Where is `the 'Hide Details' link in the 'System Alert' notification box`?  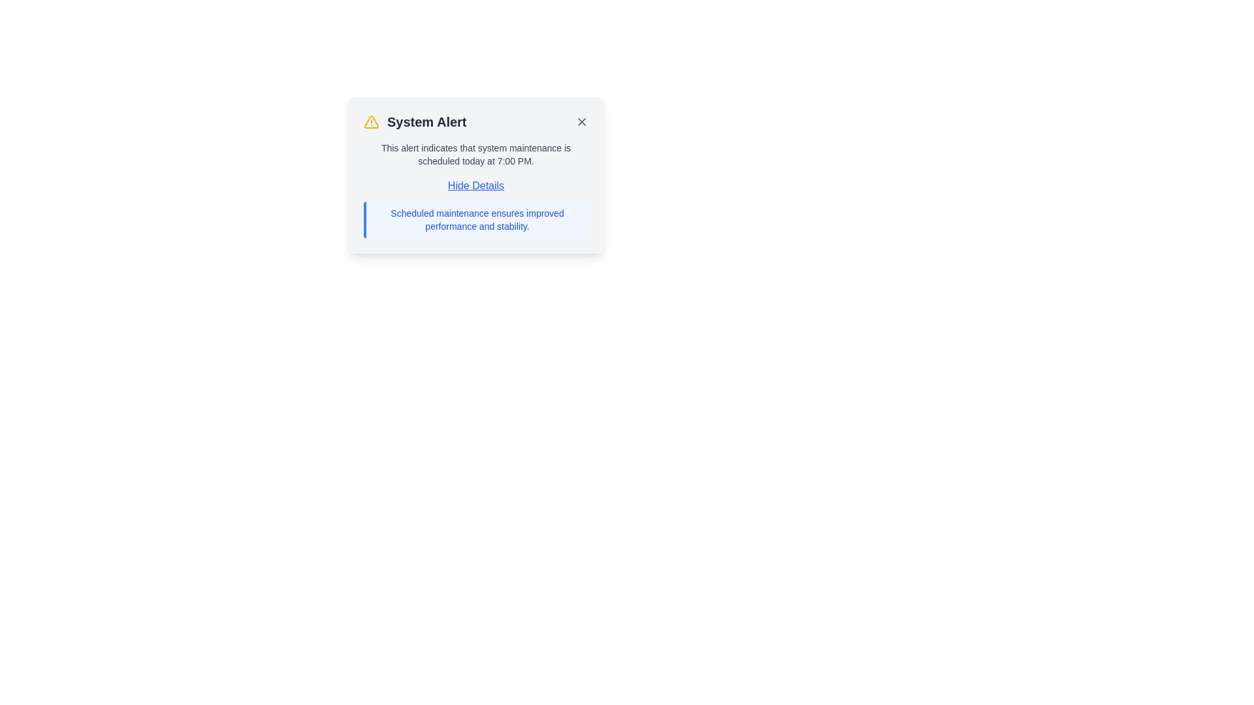 the 'Hide Details' link in the 'System Alert' notification box is located at coordinates (475, 175).